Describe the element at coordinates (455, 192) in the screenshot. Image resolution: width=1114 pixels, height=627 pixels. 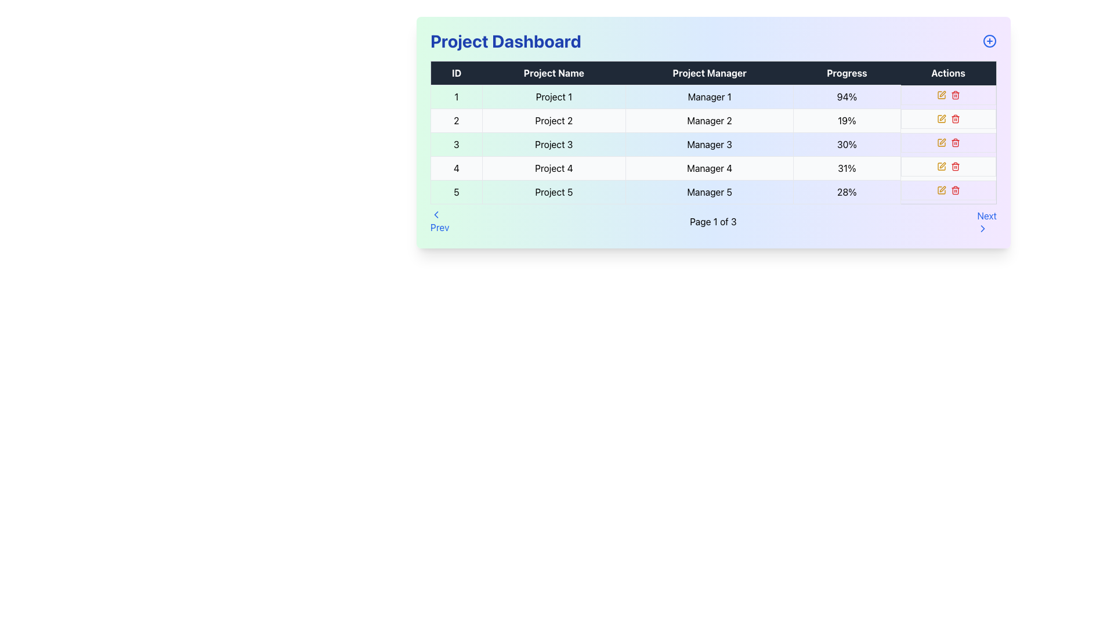
I see `the static text element displaying the number '5', located in the first column of the fifth row in the 'Project Dashboard' interface` at that location.